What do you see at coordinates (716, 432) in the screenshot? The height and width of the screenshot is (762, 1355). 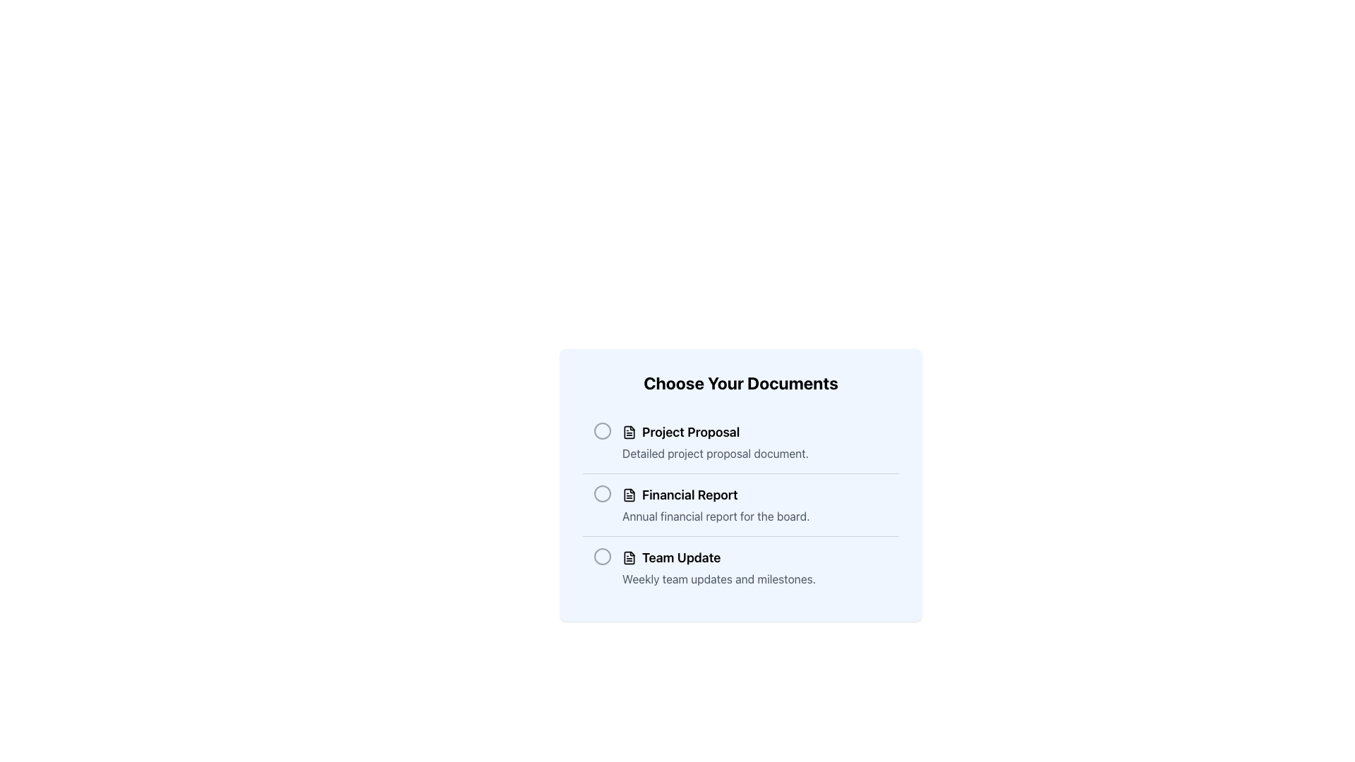 I see `the text label 'Choose Your Documents'` at bounding box center [716, 432].